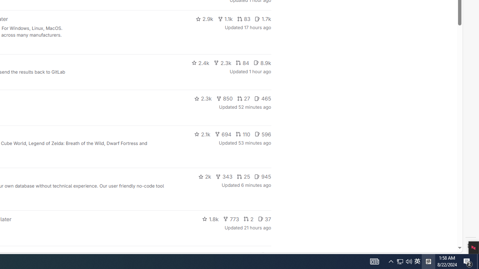 The width and height of the screenshot is (479, 269). What do you see at coordinates (225, 19) in the screenshot?
I see `'1.1k'` at bounding box center [225, 19].